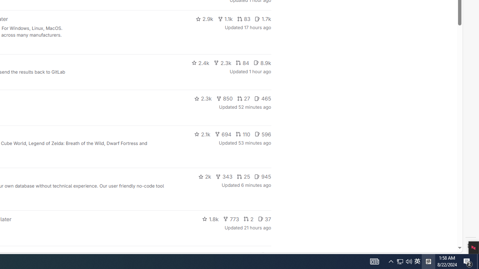 The width and height of the screenshot is (479, 269). What do you see at coordinates (225, 19) in the screenshot?
I see `'1.1k'` at bounding box center [225, 19].